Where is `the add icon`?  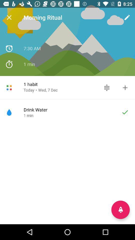 the add icon is located at coordinates (125, 87).